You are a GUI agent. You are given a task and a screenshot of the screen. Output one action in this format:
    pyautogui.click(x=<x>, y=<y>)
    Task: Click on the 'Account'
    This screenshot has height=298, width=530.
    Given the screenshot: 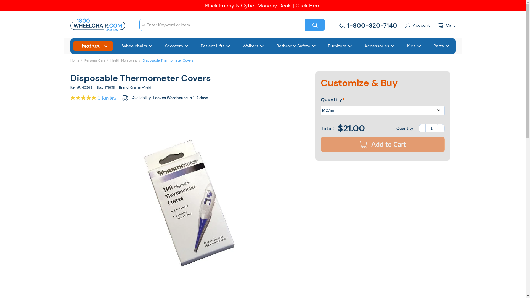 What is the action you would take?
    pyautogui.click(x=417, y=25)
    